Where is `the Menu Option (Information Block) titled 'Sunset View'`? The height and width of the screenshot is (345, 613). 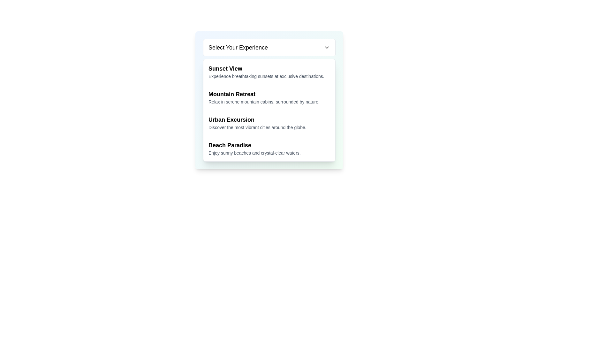 the Menu Option (Information Block) titled 'Sunset View' is located at coordinates (269, 72).